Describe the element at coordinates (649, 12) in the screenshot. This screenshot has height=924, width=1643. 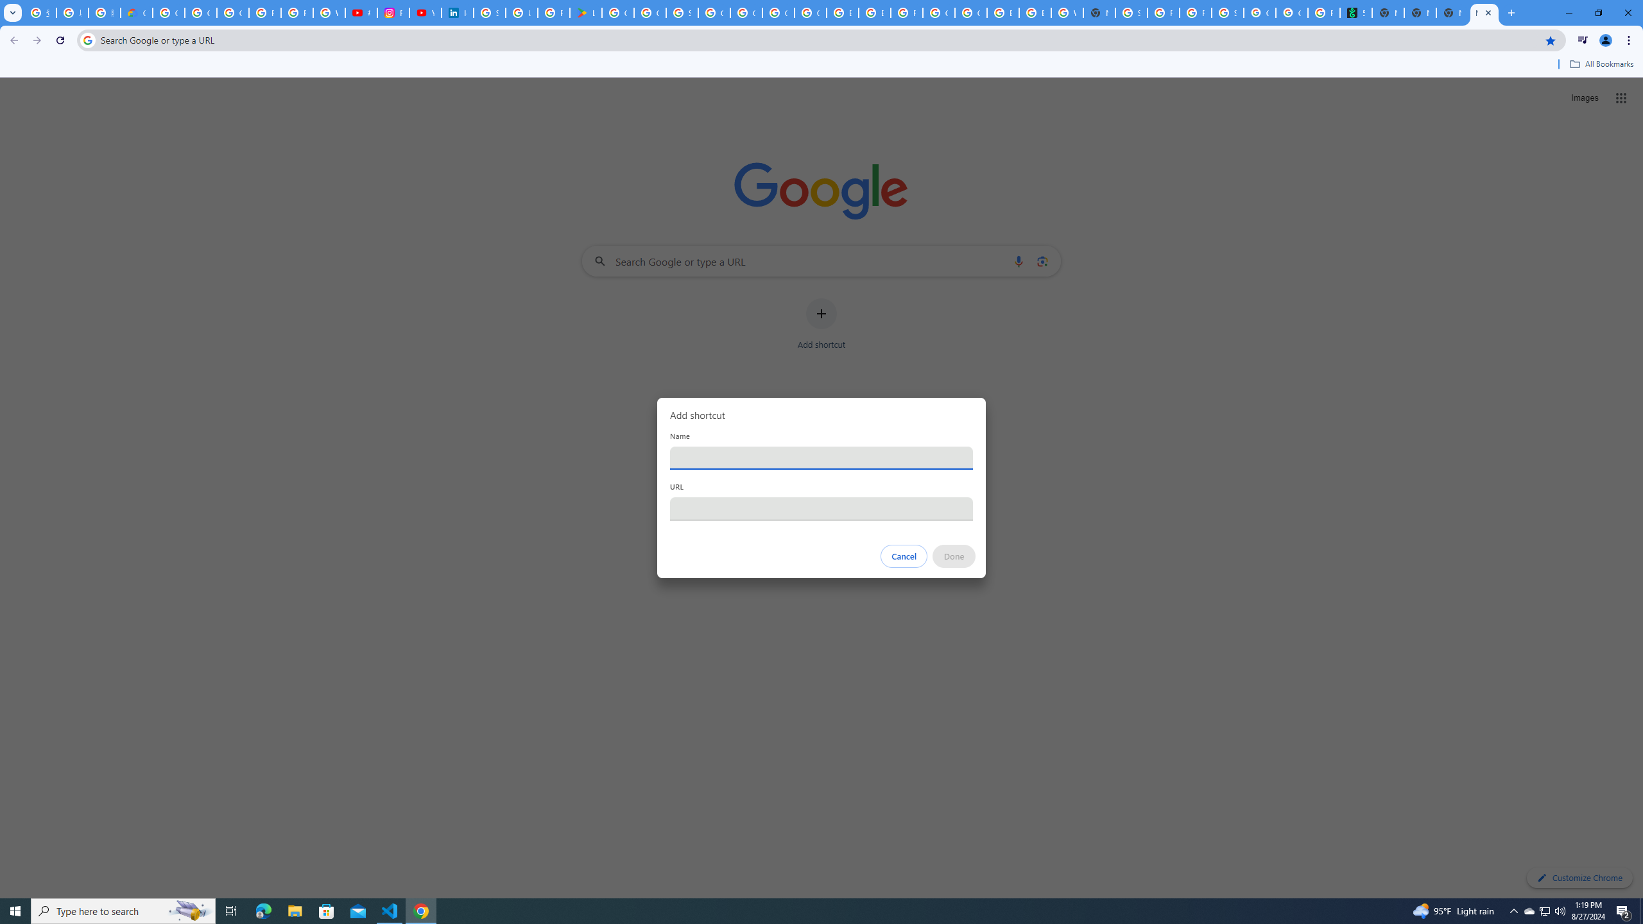
I see `'Google Workspace - Specific Terms'` at that location.